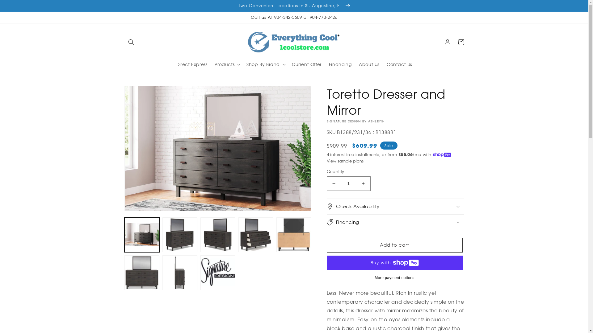  I want to click on 'Direct Express', so click(191, 64).